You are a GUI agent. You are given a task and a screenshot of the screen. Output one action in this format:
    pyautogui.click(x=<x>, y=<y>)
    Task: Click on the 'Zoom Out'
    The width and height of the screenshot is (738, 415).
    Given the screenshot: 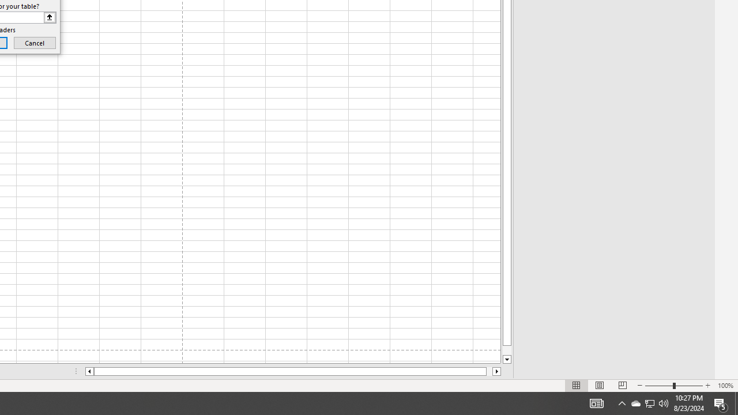 What is the action you would take?
    pyautogui.click(x=659, y=386)
    